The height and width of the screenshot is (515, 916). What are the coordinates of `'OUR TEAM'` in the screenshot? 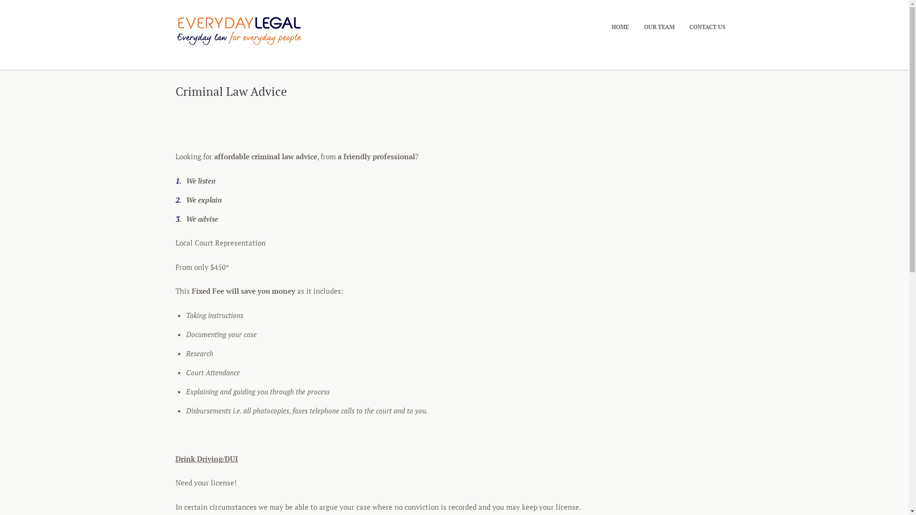 It's located at (658, 26).